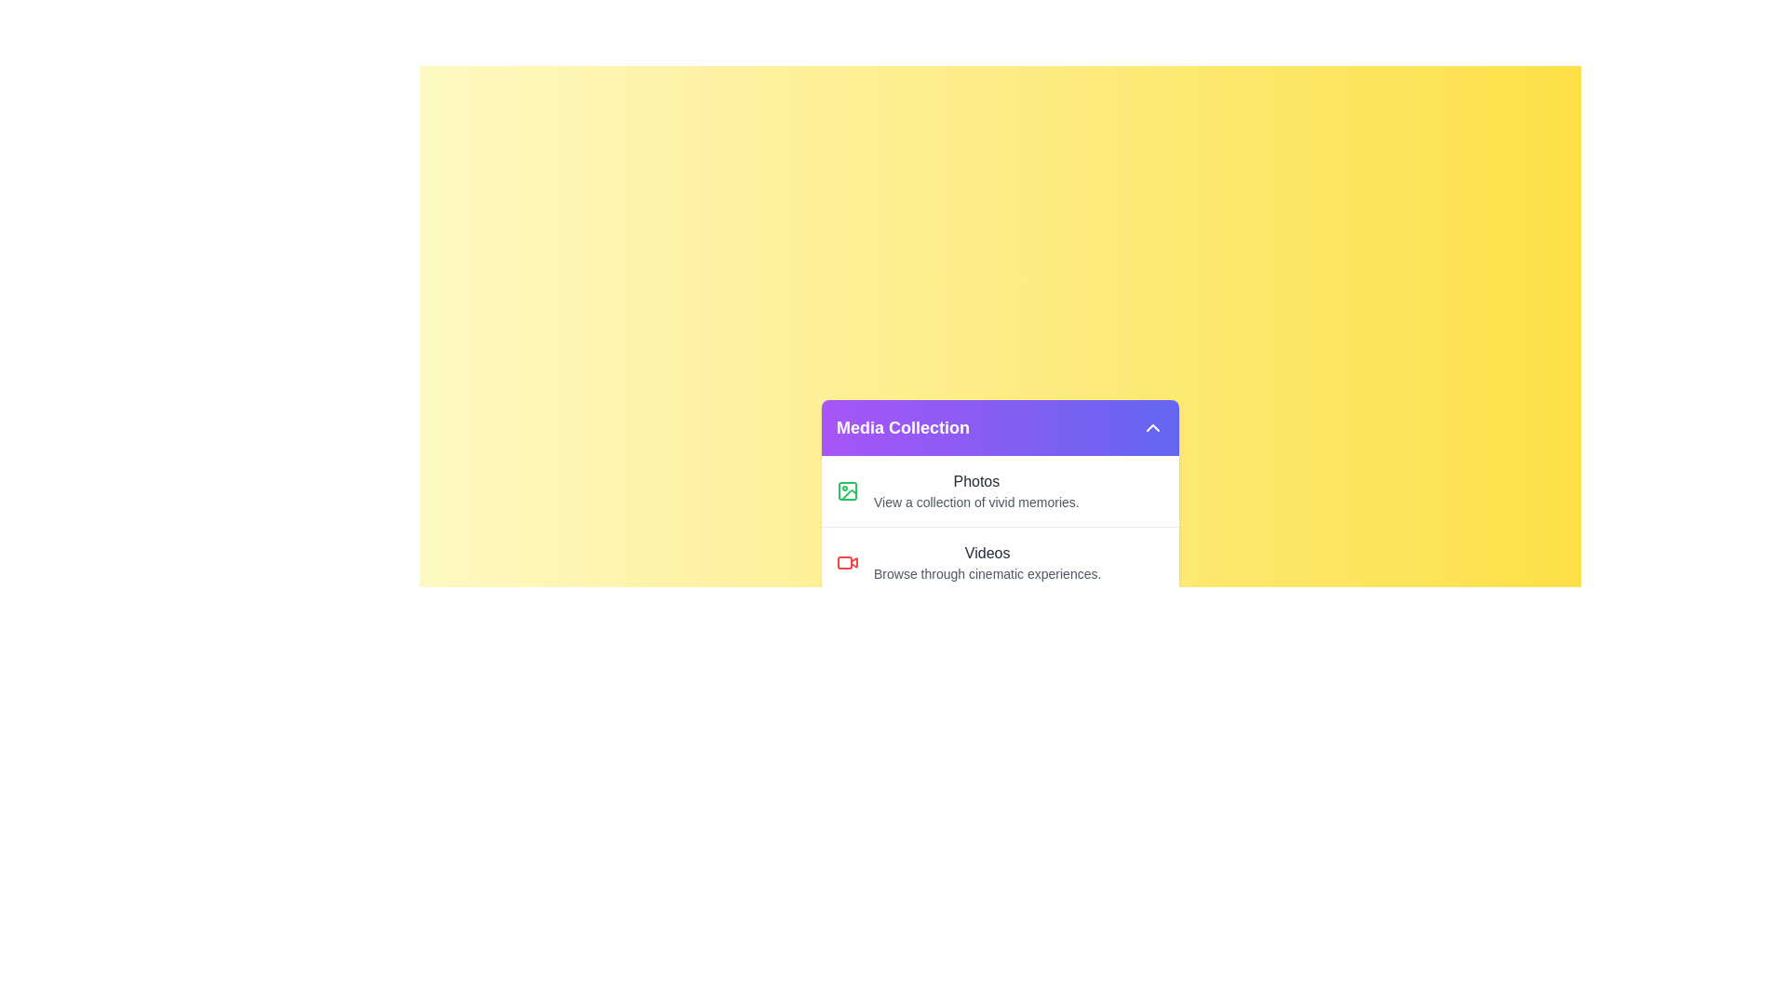 The width and height of the screenshot is (1787, 1005). I want to click on the list item corresponding to Photos, so click(1000, 490).